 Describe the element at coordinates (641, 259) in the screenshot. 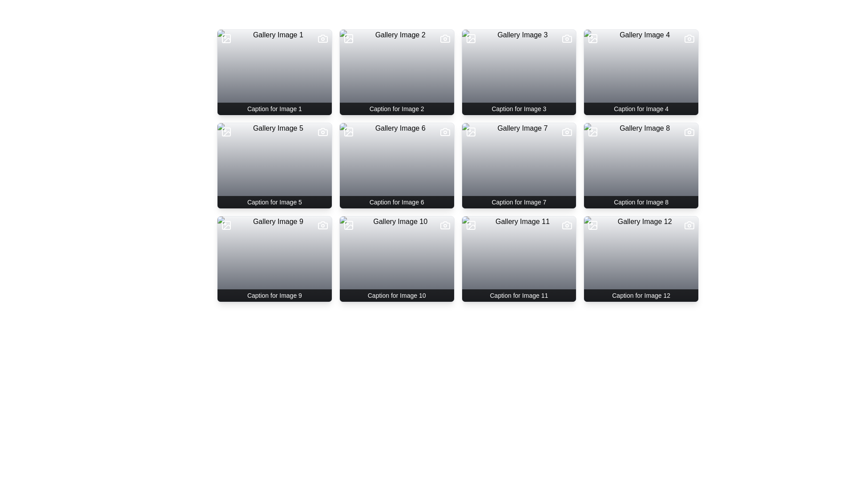

I see `the rectangular image card with rounded corners and a gray background displaying 'Caption for Image 12' at the bottom` at that location.